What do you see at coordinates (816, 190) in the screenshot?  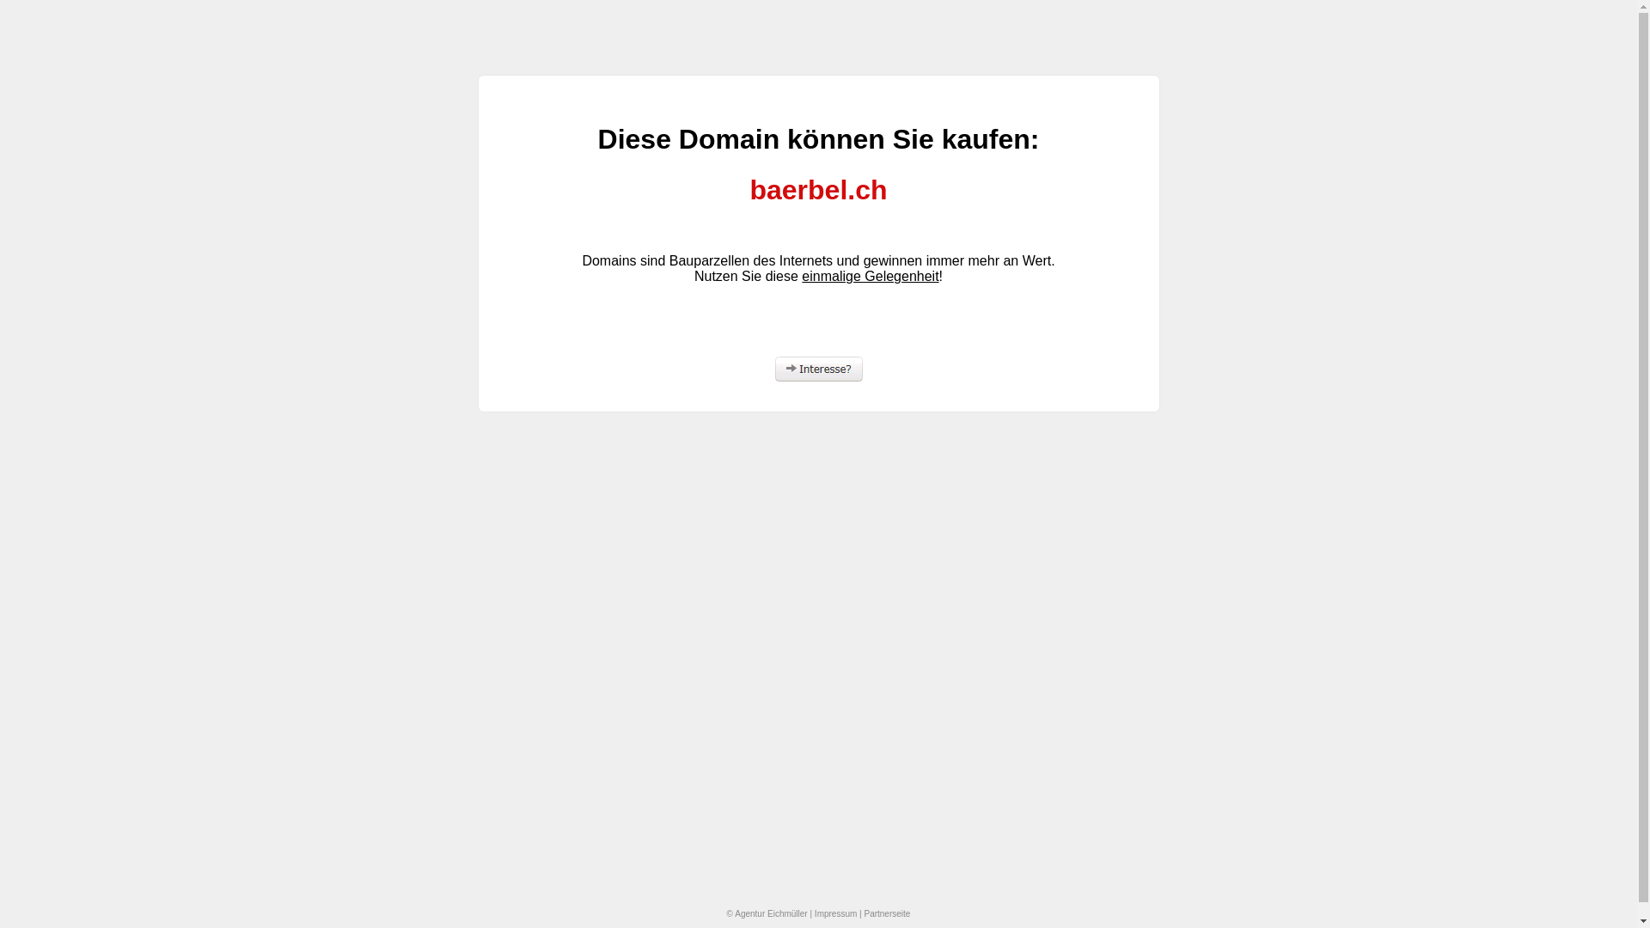 I see `'baerbel.ch'` at bounding box center [816, 190].